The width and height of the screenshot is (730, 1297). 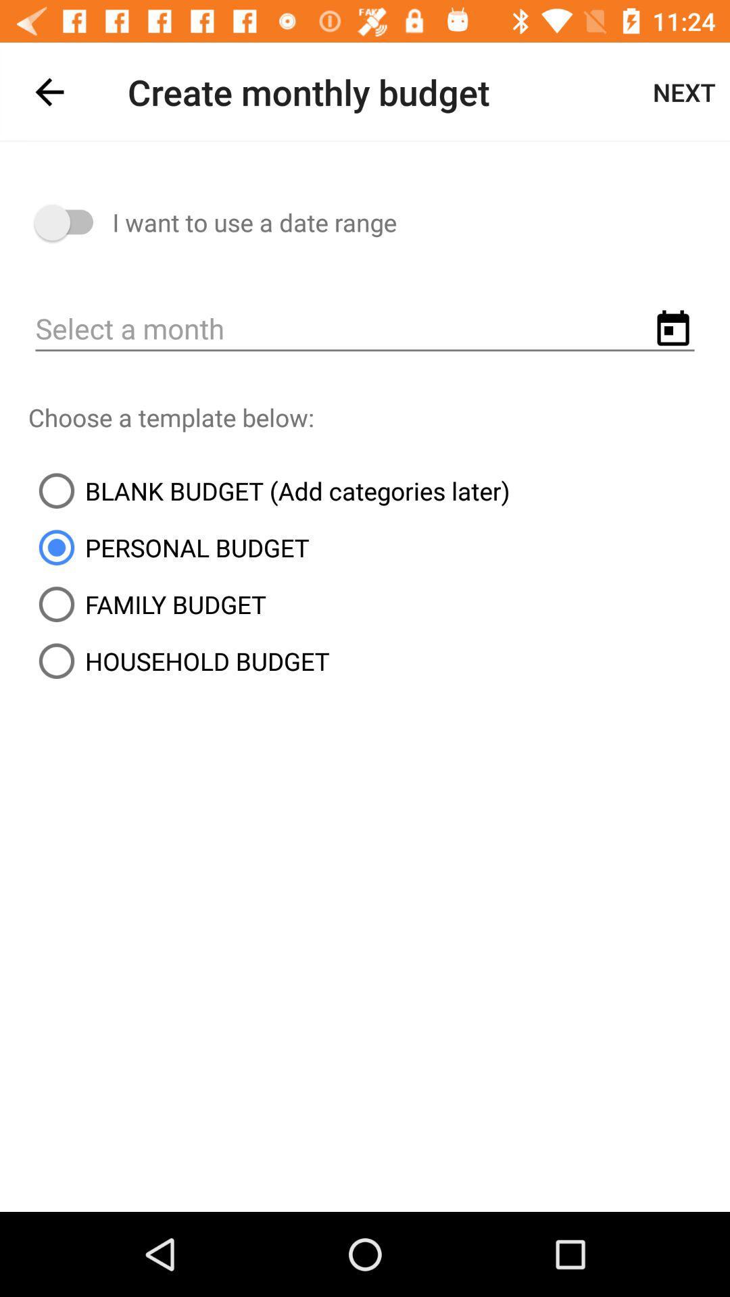 What do you see at coordinates (147, 603) in the screenshot?
I see `the item below the personal budget icon` at bounding box center [147, 603].